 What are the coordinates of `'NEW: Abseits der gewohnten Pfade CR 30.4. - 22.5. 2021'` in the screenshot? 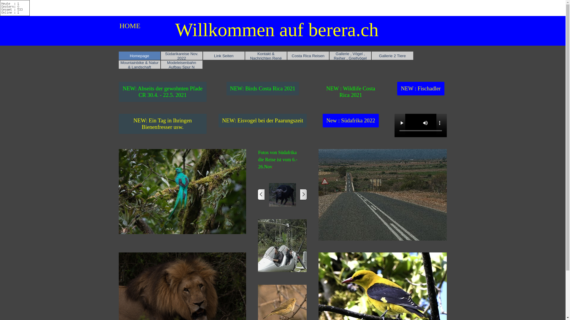 It's located at (162, 92).